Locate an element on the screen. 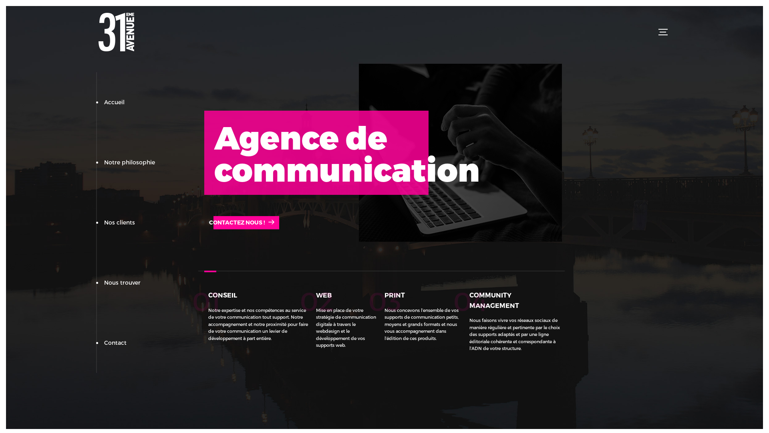  'Notre philosophie' is located at coordinates (129, 162).